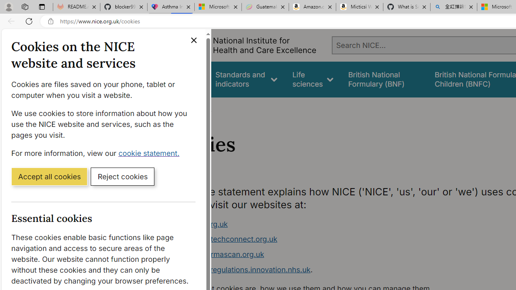 Image resolution: width=516 pixels, height=290 pixels. Describe the element at coordinates (150, 153) in the screenshot. I see `'cookie statement. (Opens in a new window)'` at that location.